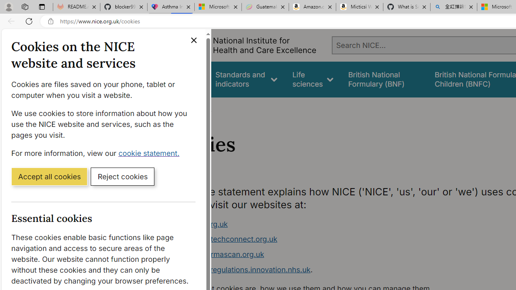 Image resolution: width=516 pixels, height=290 pixels. Describe the element at coordinates (150, 153) in the screenshot. I see `'cookie statement. (Opens in a new window)'` at that location.